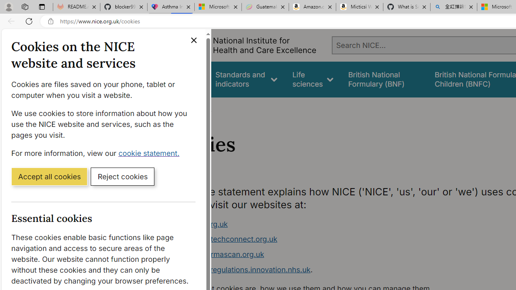 Image resolution: width=516 pixels, height=290 pixels. Describe the element at coordinates (150, 153) in the screenshot. I see `'cookie statement. (Opens in a new window)'` at that location.